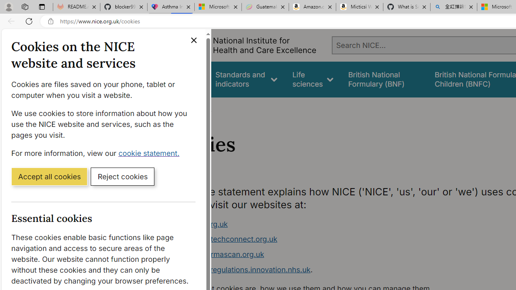 Image resolution: width=516 pixels, height=290 pixels. Describe the element at coordinates (150, 153) in the screenshot. I see `'cookie statement. (Opens in a new window)'` at that location.